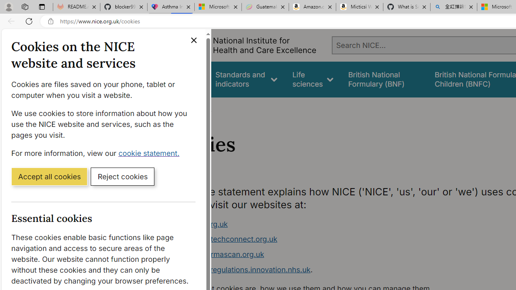 Image resolution: width=516 pixels, height=290 pixels. Describe the element at coordinates (150, 153) in the screenshot. I see `'cookie statement. (Opens in a new window)'` at that location.